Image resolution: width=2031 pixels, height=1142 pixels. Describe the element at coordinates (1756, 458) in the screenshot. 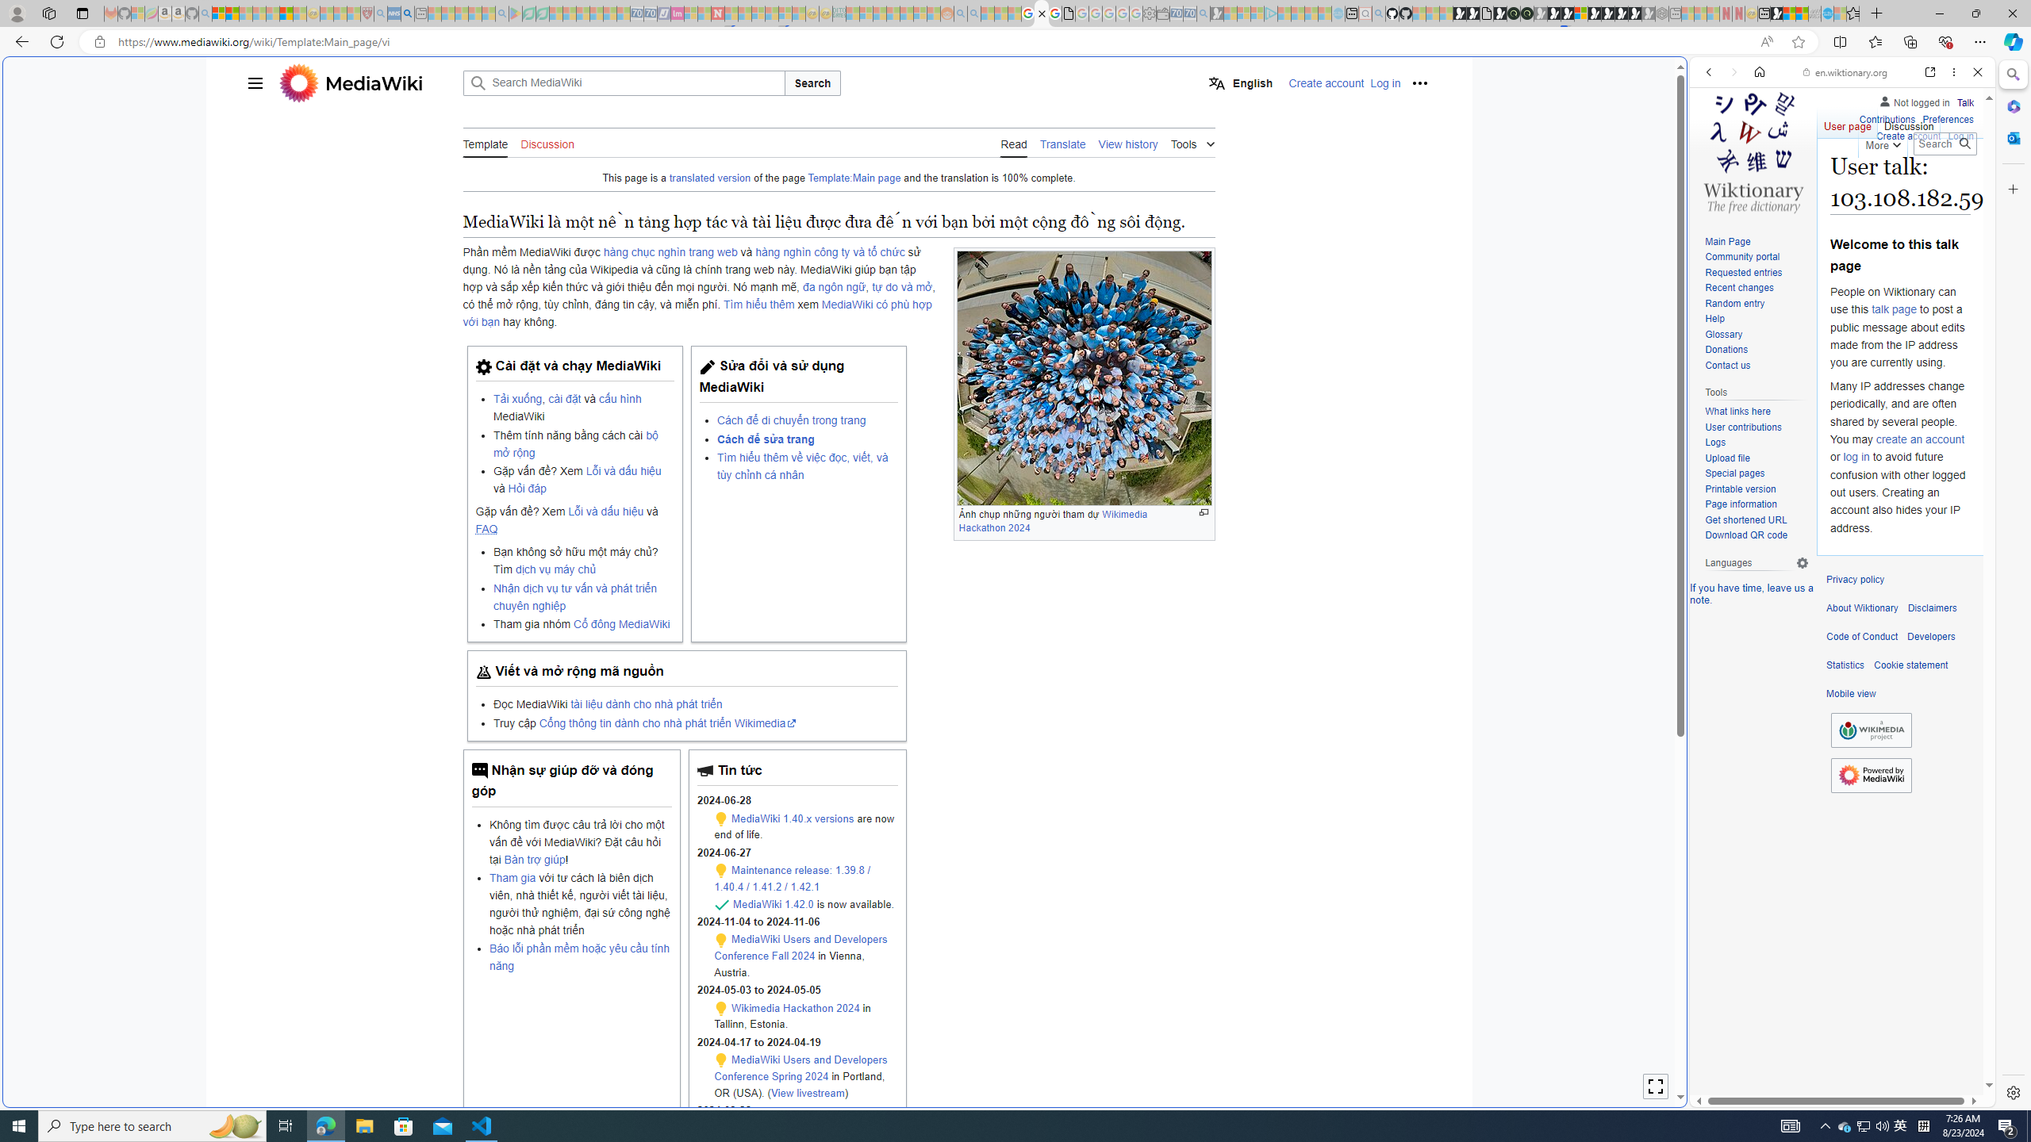

I see `'Upload file'` at that location.